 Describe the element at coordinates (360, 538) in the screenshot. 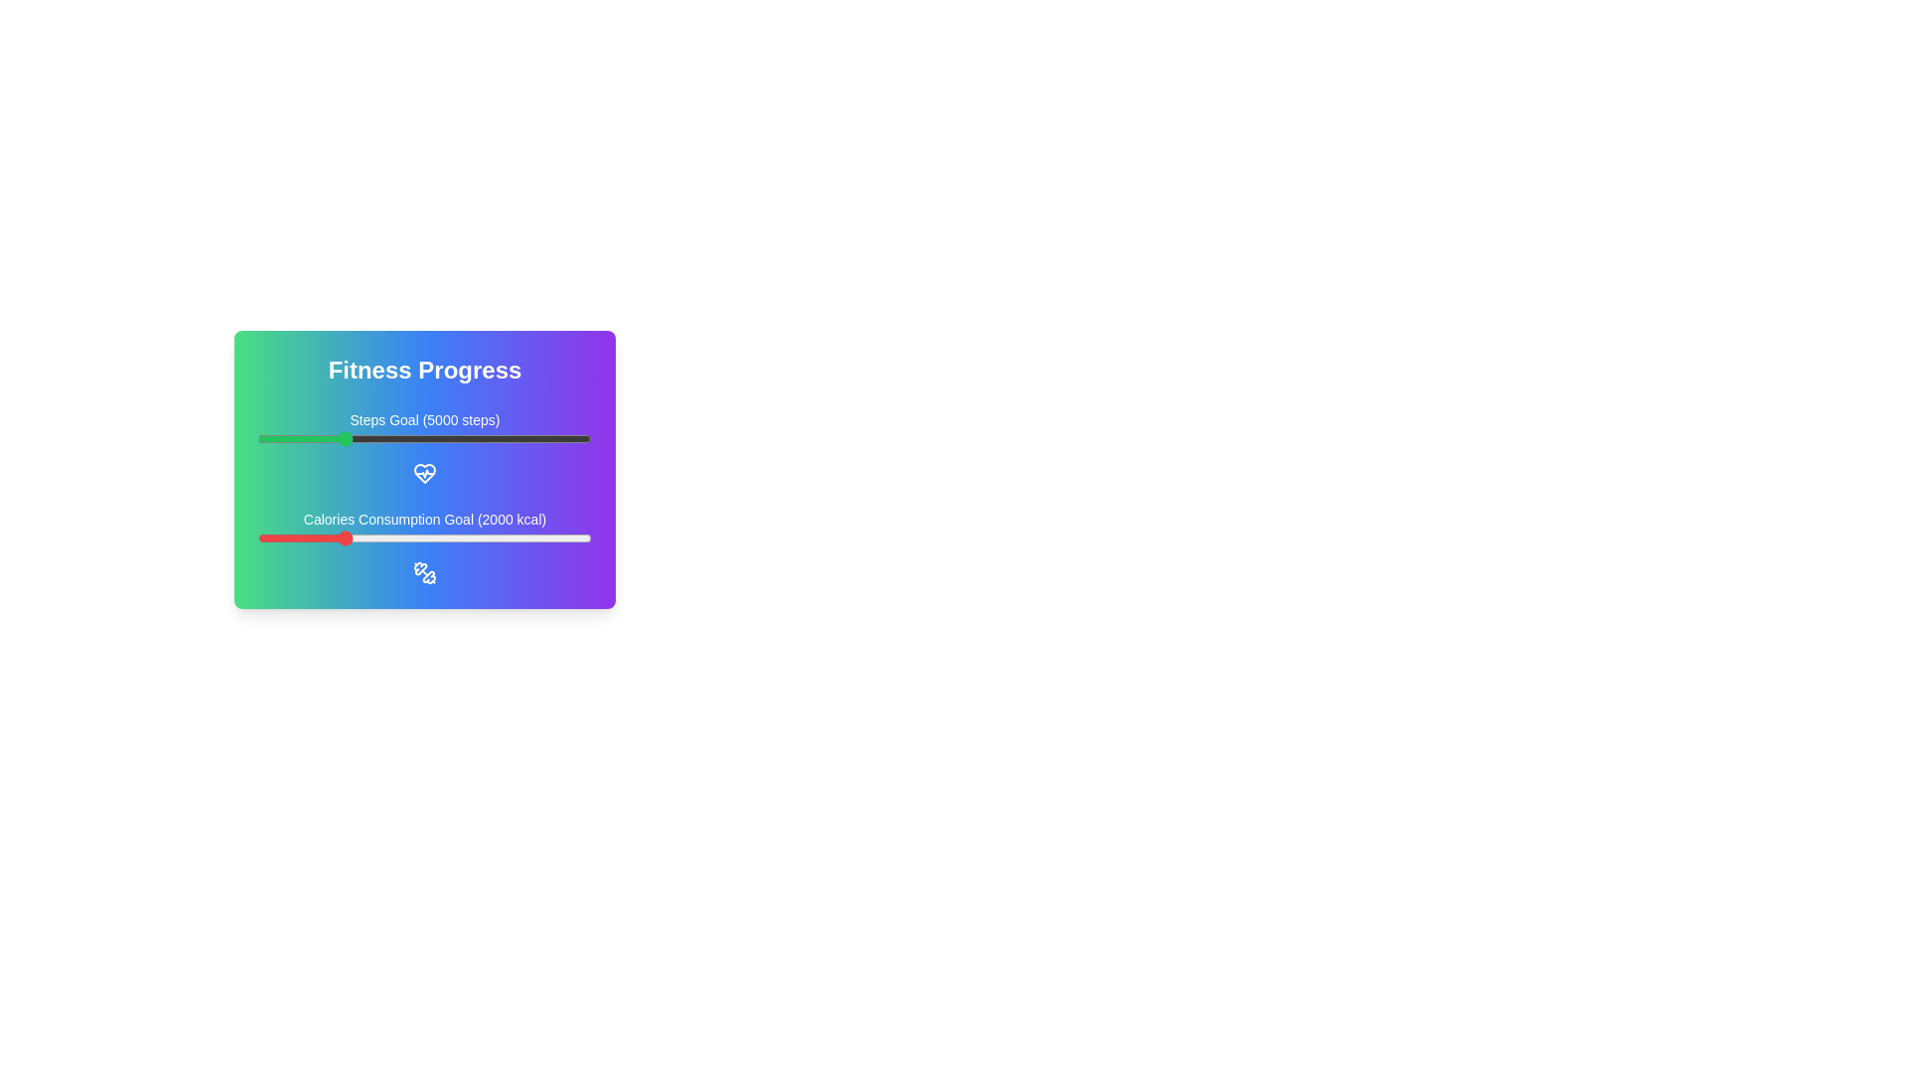

I see `the calories goal` at that location.